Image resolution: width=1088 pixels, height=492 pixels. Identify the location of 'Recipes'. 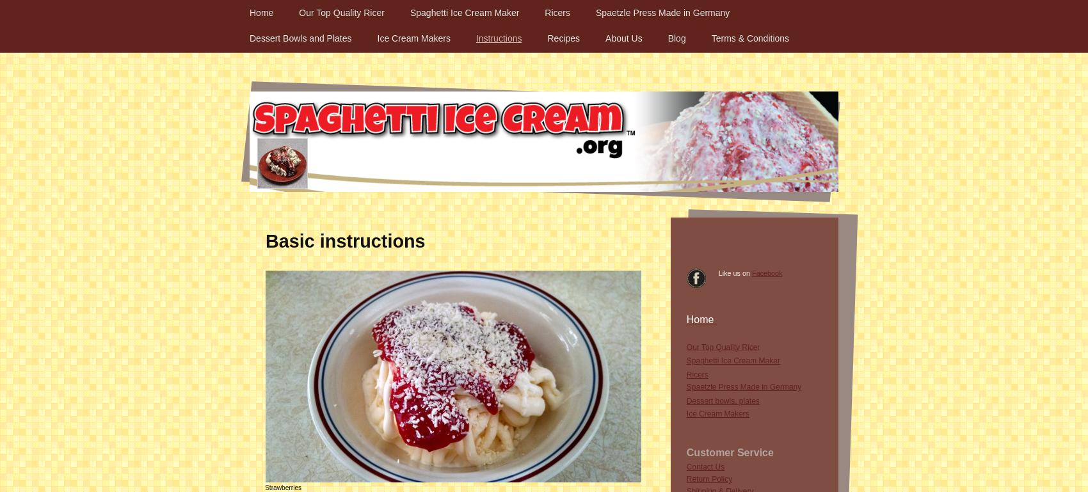
(563, 38).